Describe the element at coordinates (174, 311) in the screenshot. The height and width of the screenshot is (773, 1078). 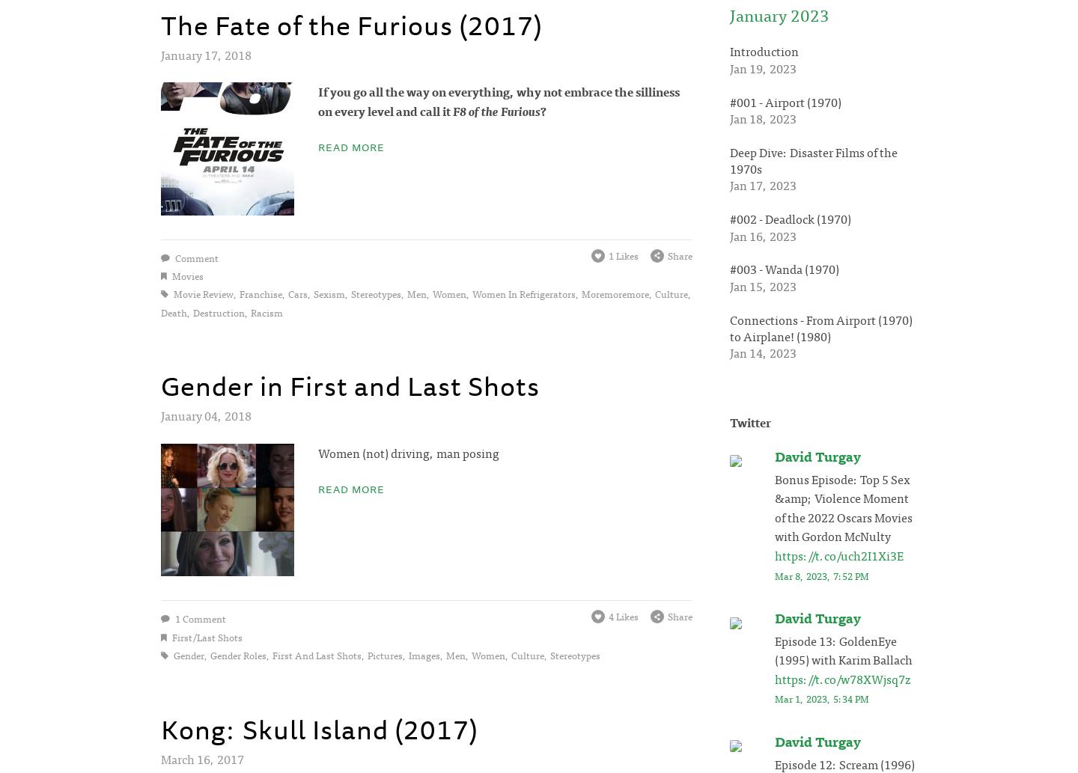
I see `'death'` at that location.